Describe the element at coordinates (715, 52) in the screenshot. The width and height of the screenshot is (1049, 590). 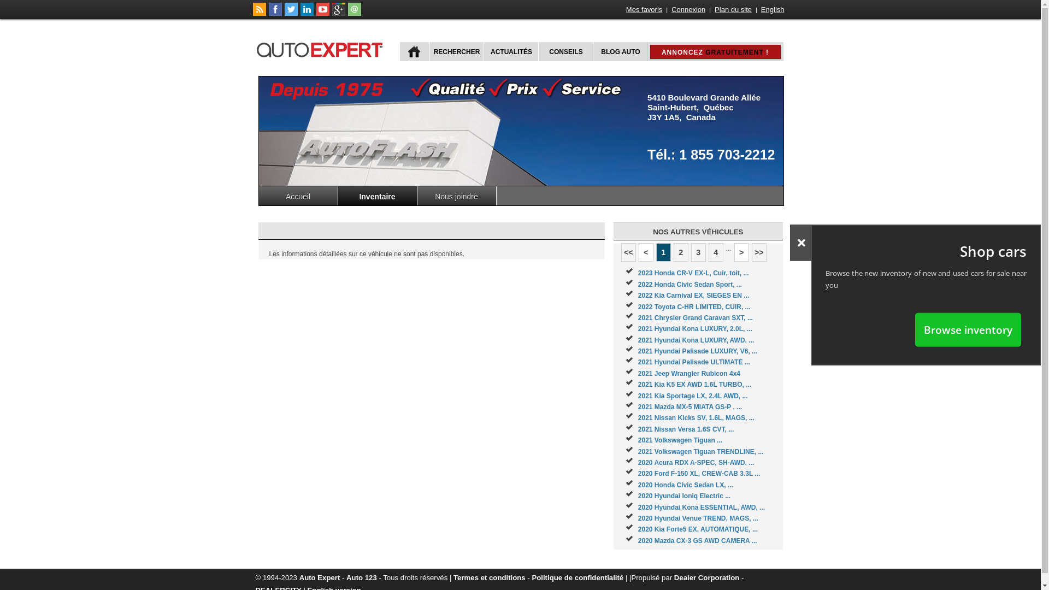
I see `'ANNONCEZ GRATUITEMENT !'` at that location.